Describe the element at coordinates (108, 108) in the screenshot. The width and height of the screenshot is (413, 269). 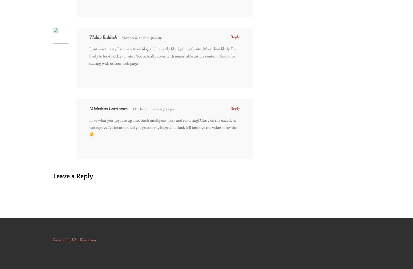
I see `'Micheline Larrimore'` at that location.